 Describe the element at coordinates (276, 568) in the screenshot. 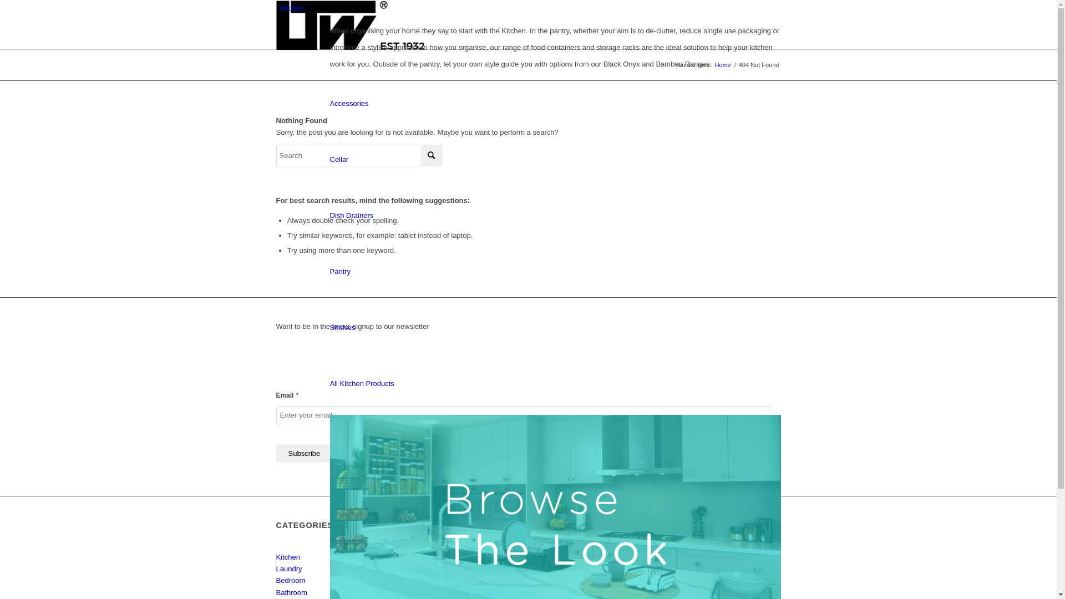

I see `'Laundry'` at that location.